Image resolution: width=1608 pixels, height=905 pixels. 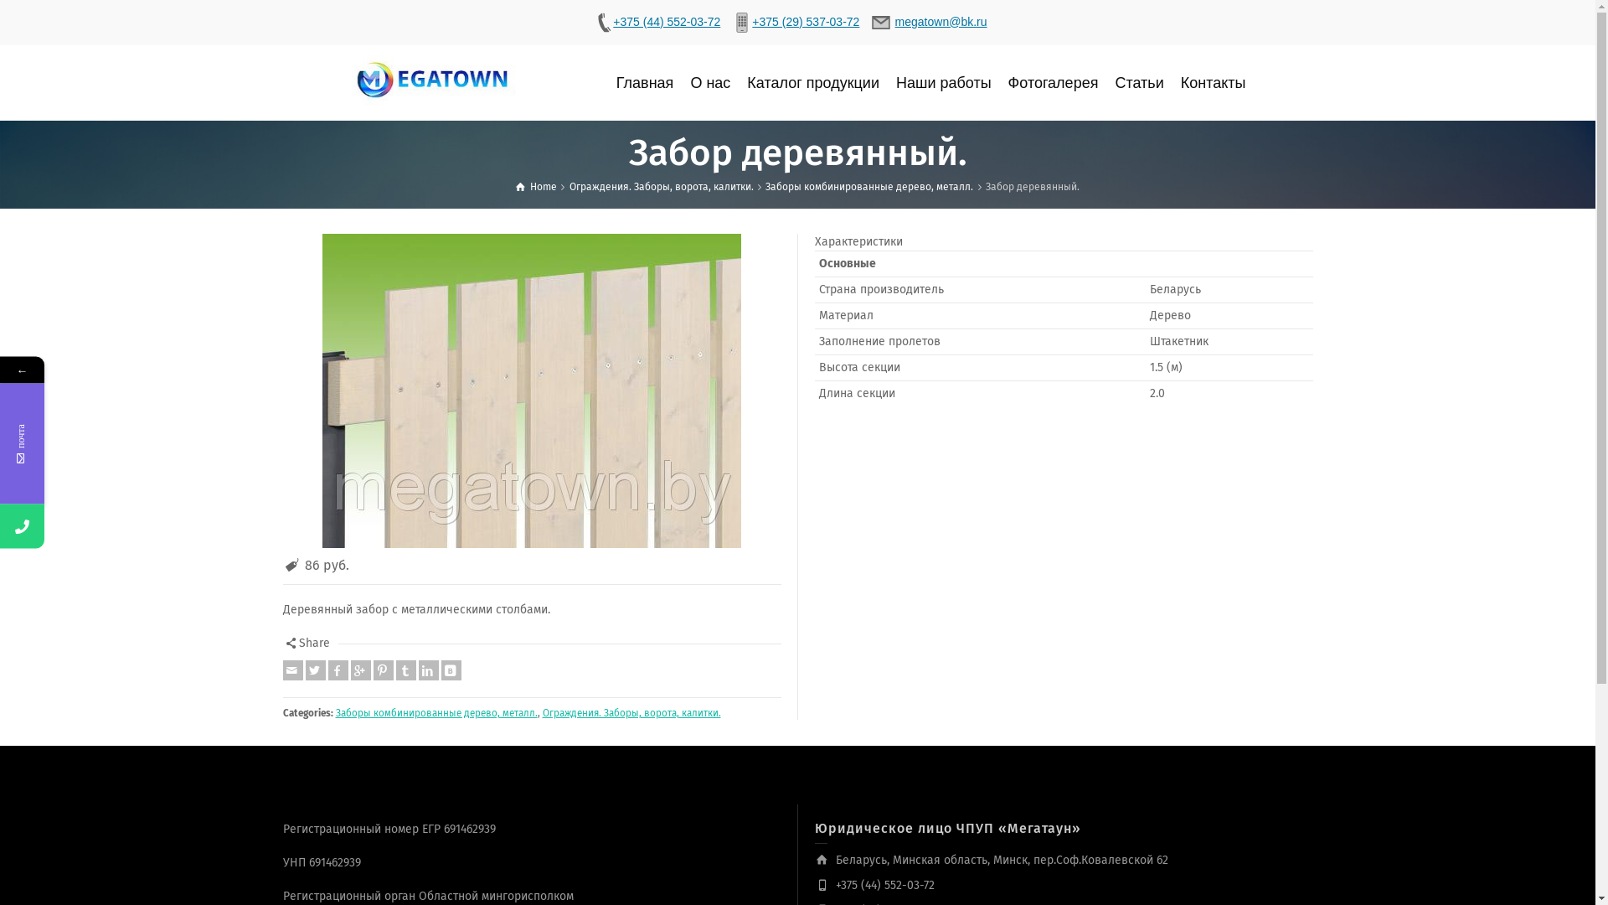 What do you see at coordinates (514, 187) in the screenshot?
I see `'Home'` at bounding box center [514, 187].